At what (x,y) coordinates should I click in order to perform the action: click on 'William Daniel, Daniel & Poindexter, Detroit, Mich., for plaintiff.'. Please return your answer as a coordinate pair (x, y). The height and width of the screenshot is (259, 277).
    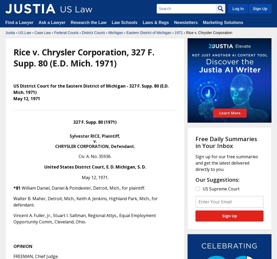
    Looking at the image, I should click on (83, 188).